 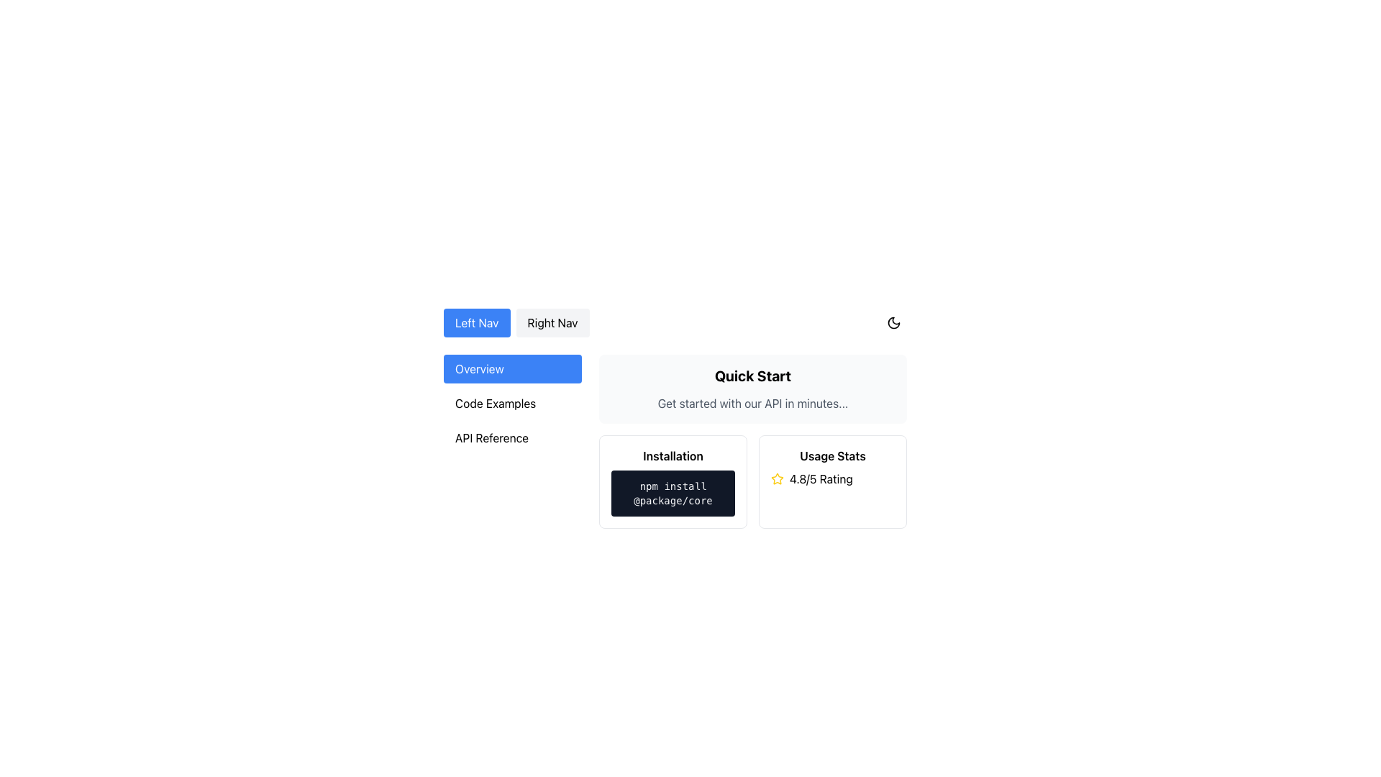 I want to click on the 'Right Nav' button, which is a rectangular button with rounded corners, located in the top-center area of the interface, so click(x=552, y=322).